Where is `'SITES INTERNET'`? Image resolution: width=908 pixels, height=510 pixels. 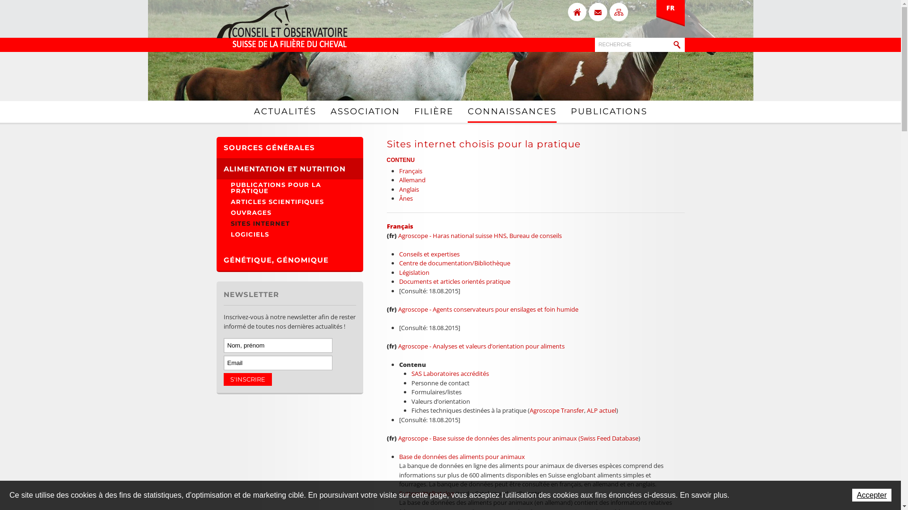 'SITES INTERNET' is located at coordinates (289, 223).